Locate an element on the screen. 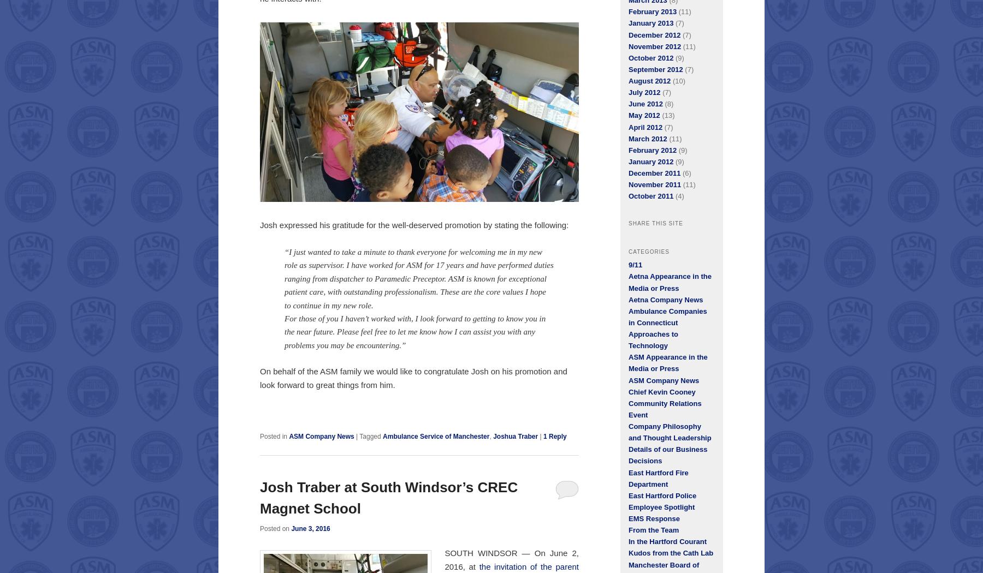 This screenshot has width=983, height=573. 'Aetna Appearance in the Media or Press' is located at coordinates (669, 282).